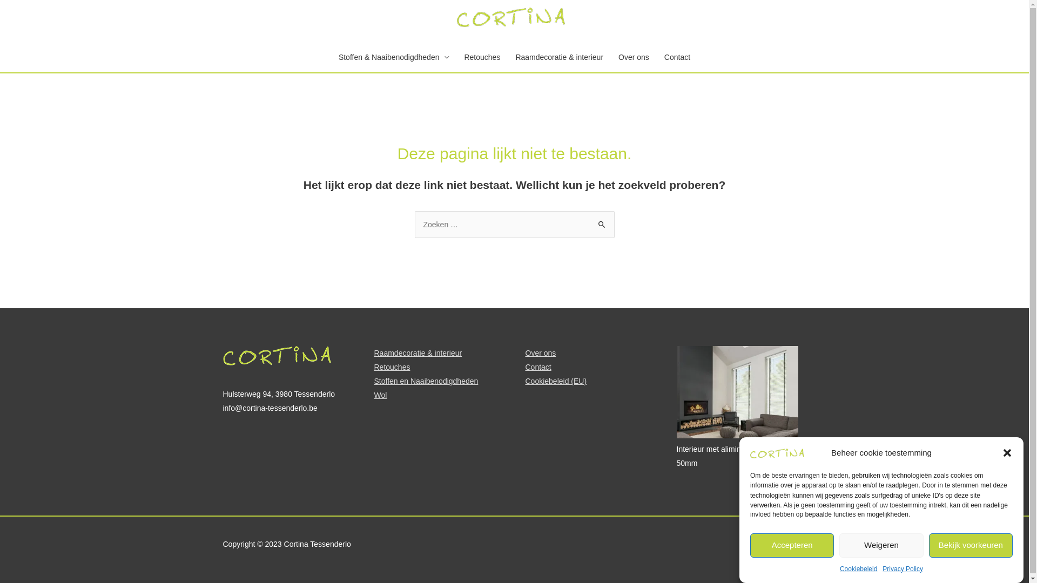 Image resolution: width=1037 pixels, height=583 pixels. I want to click on 'Raamdecoratie & interieur', so click(417, 353).